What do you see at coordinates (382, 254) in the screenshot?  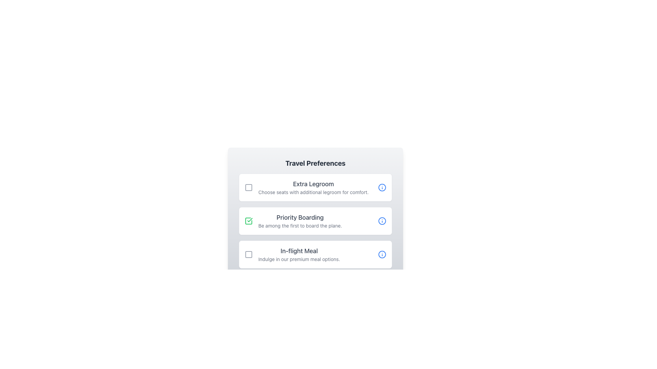 I see `the decorative Circle SVG element within the 'In-flight Meal' icon, located at the far right of the preference option` at bounding box center [382, 254].